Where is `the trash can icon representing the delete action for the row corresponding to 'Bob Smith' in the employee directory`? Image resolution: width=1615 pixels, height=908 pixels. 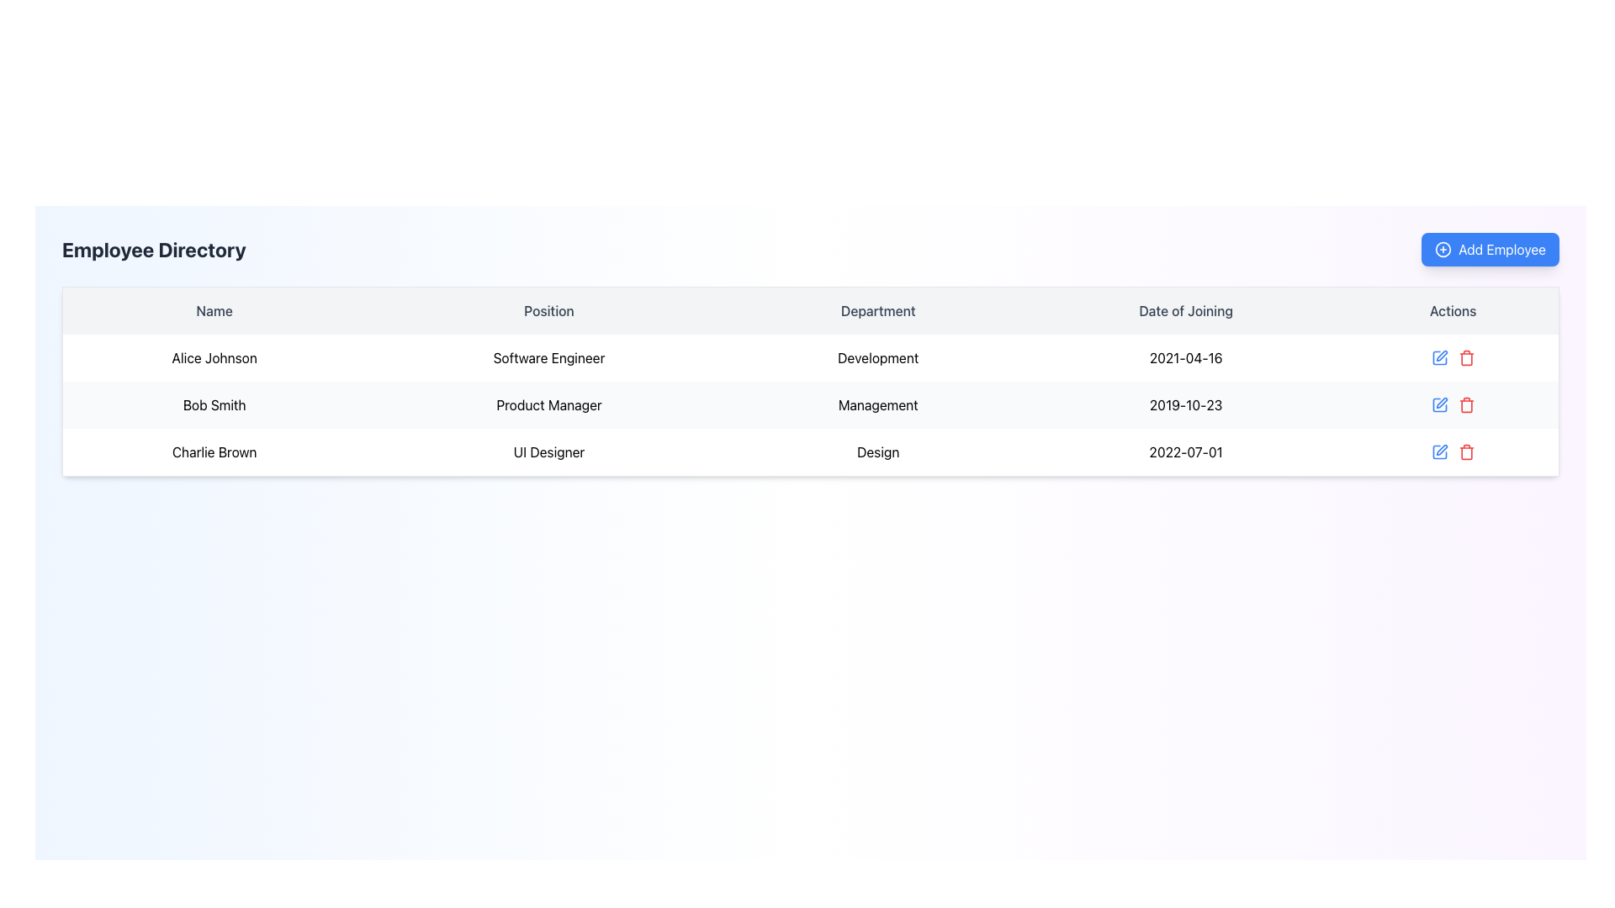 the trash can icon representing the delete action for the row corresponding to 'Bob Smith' in the employee directory is located at coordinates (1465, 406).